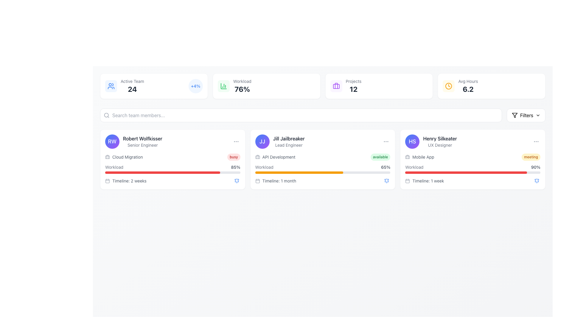  What do you see at coordinates (289, 139) in the screenshot?
I see `the text element labeled 'Jill Jailbreaker', which is styled with a medium font weight and dark gray color, located at the top of the middle card representing a team member` at bounding box center [289, 139].